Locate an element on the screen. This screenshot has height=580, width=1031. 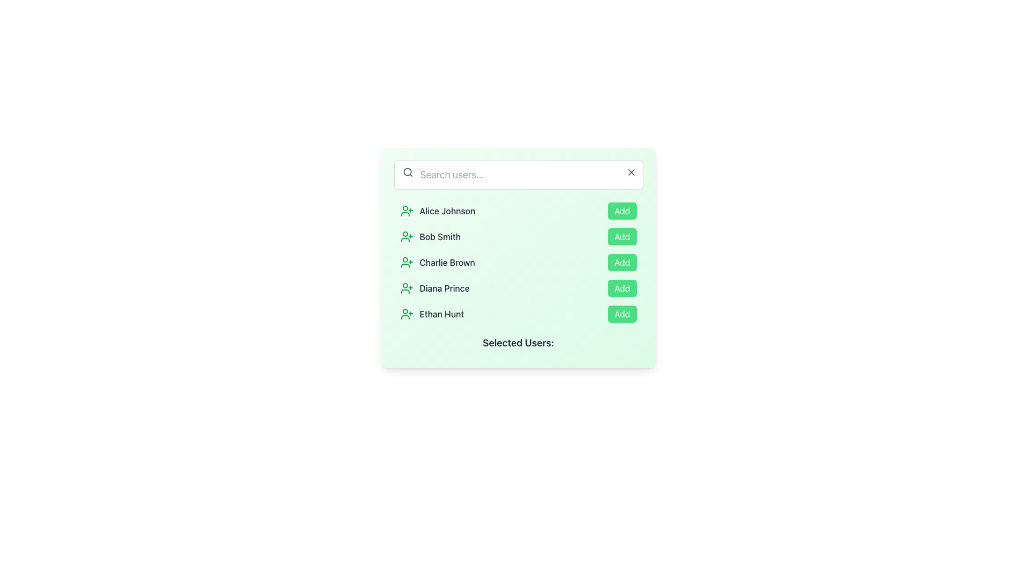
on the text label 'Bob Smith' which is styled in a medium-weight, gray font and is the second entry in a list of users is located at coordinates (430, 236).